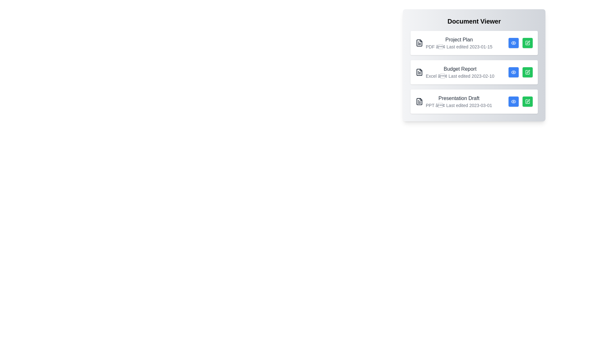 The image size is (611, 344). What do you see at coordinates (513, 72) in the screenshot?
I see `eye icon for the document titled Budget Report to view its details` at bounding box center [513, 72].